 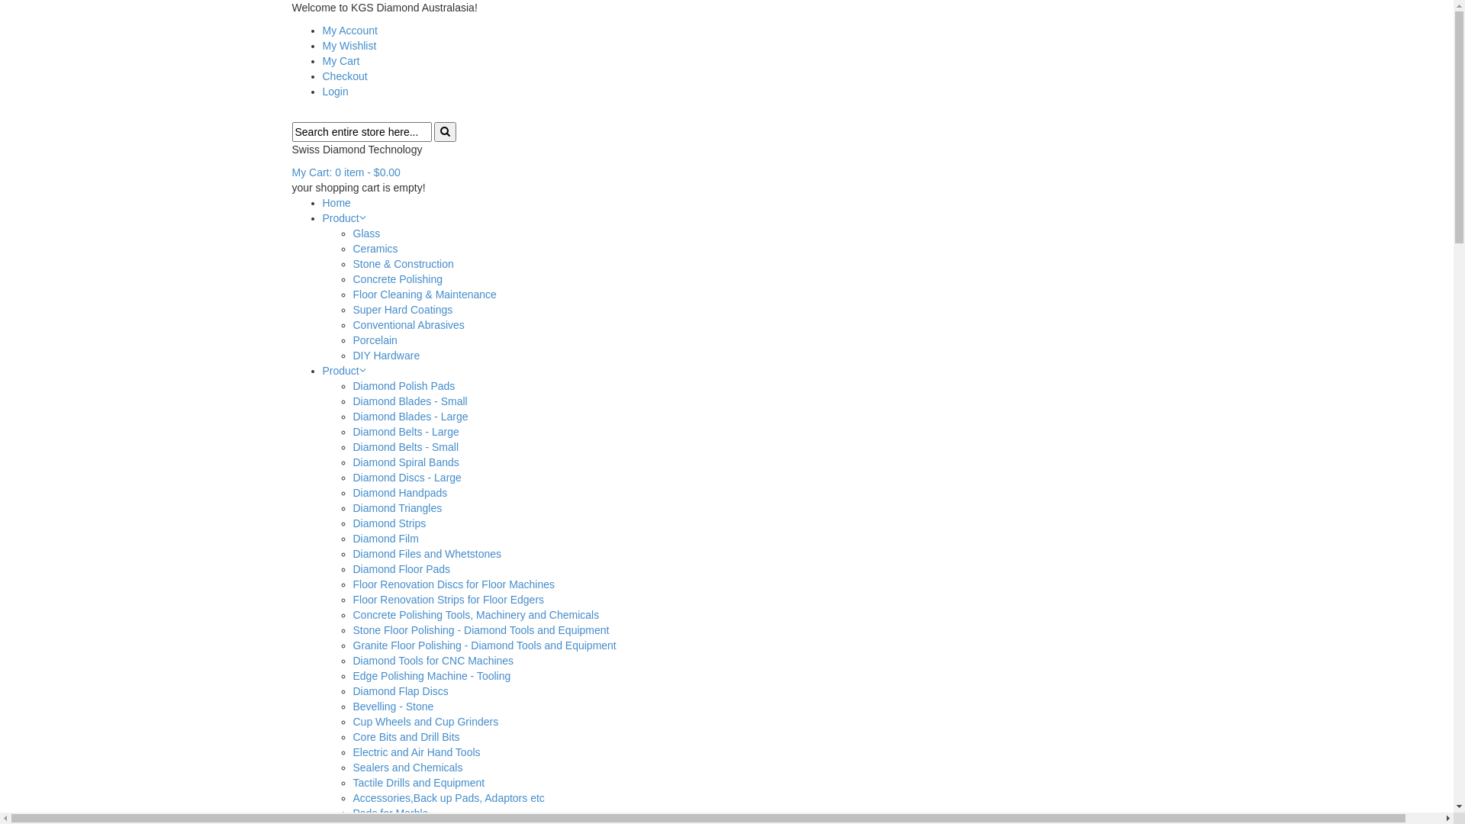 I want to click on 'Diamond Handpads', so click(x=399, y=492).